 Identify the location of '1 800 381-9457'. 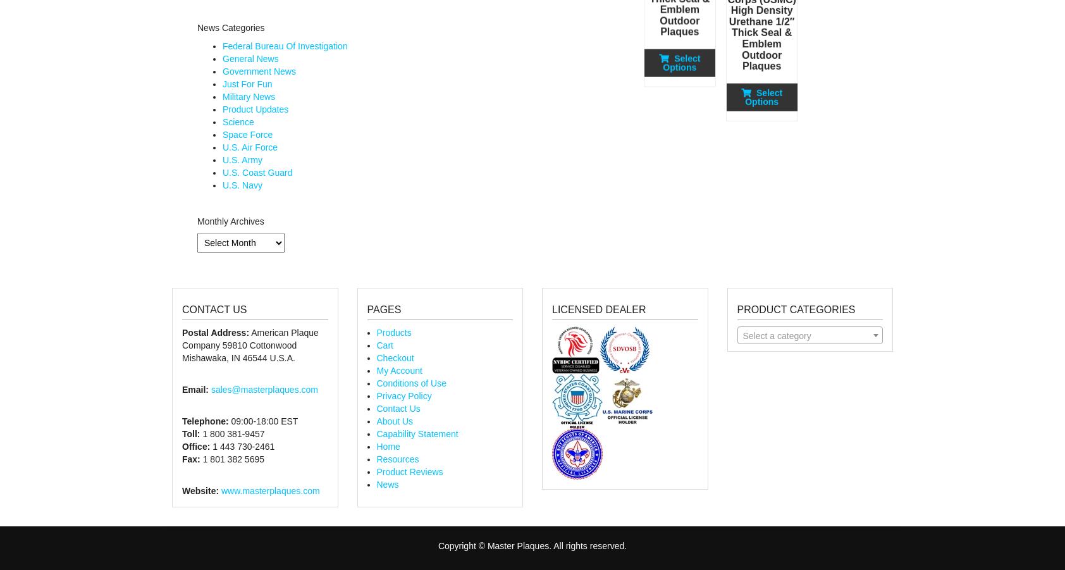
(199, 433).